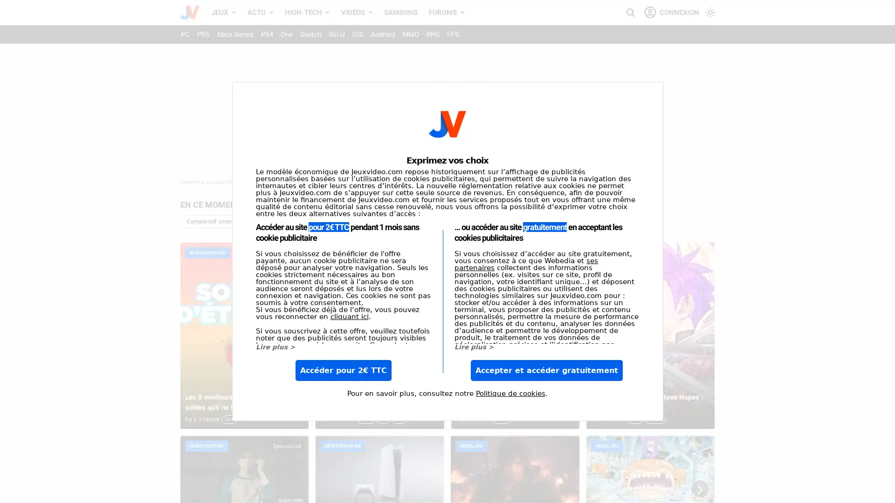 The image size is (895, 503). Describe the element at coordinates (342, 370) in the screenshot. I see `Acceder pour 2 TTC` at that location.